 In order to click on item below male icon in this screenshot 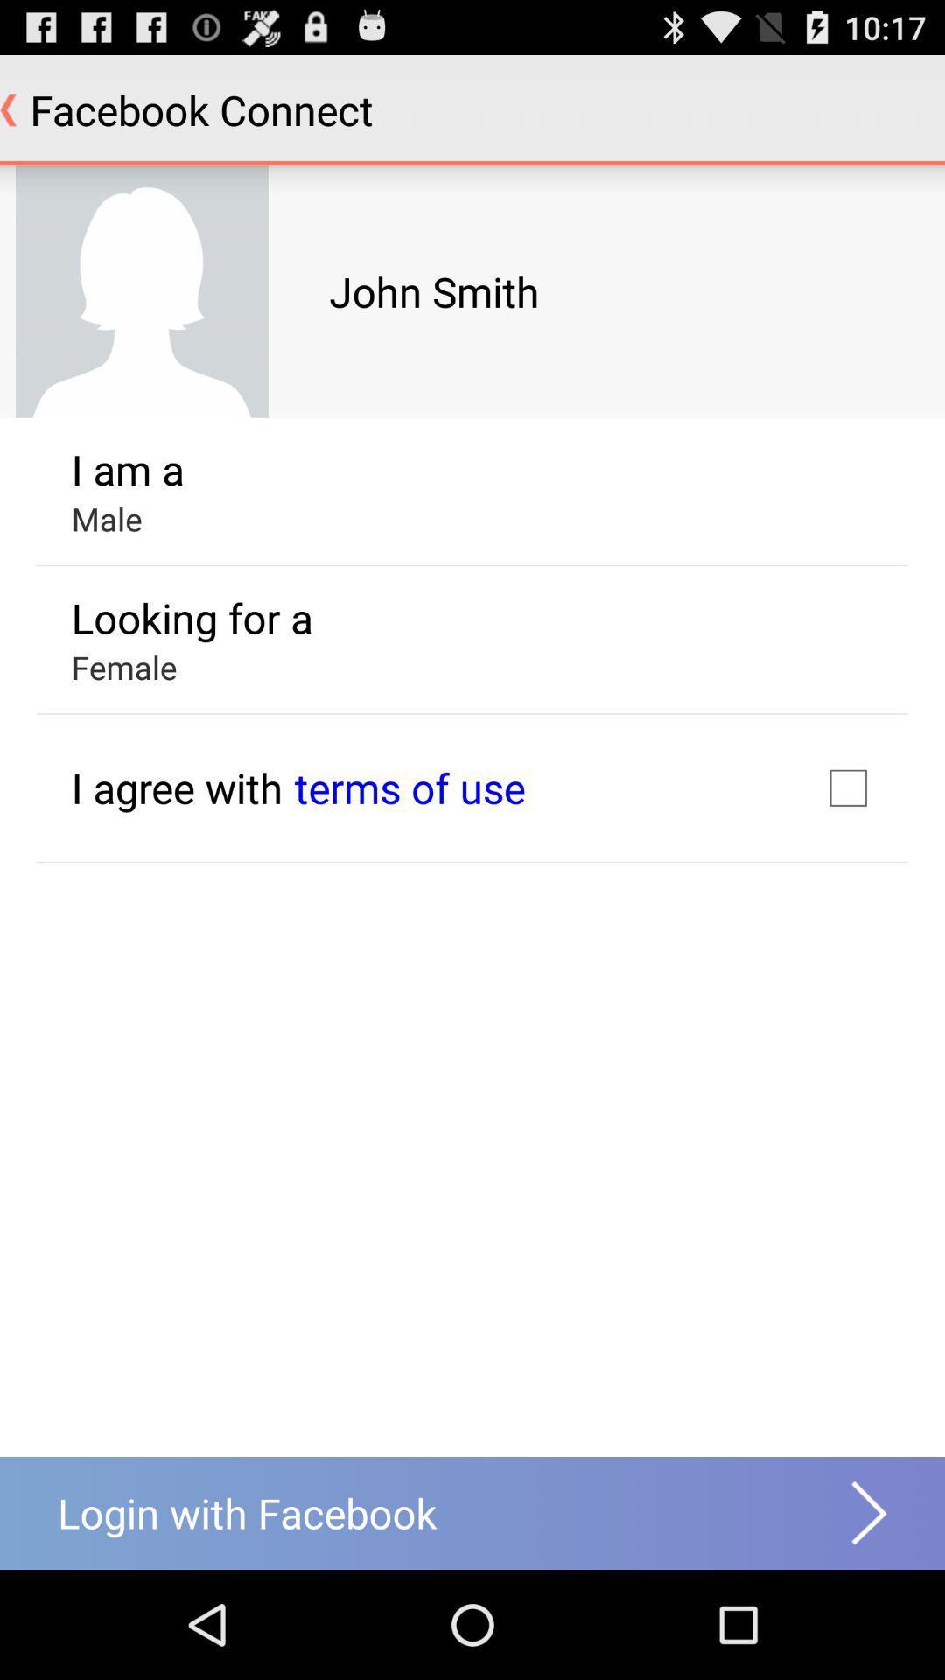, I will do `click(192, 618)`.